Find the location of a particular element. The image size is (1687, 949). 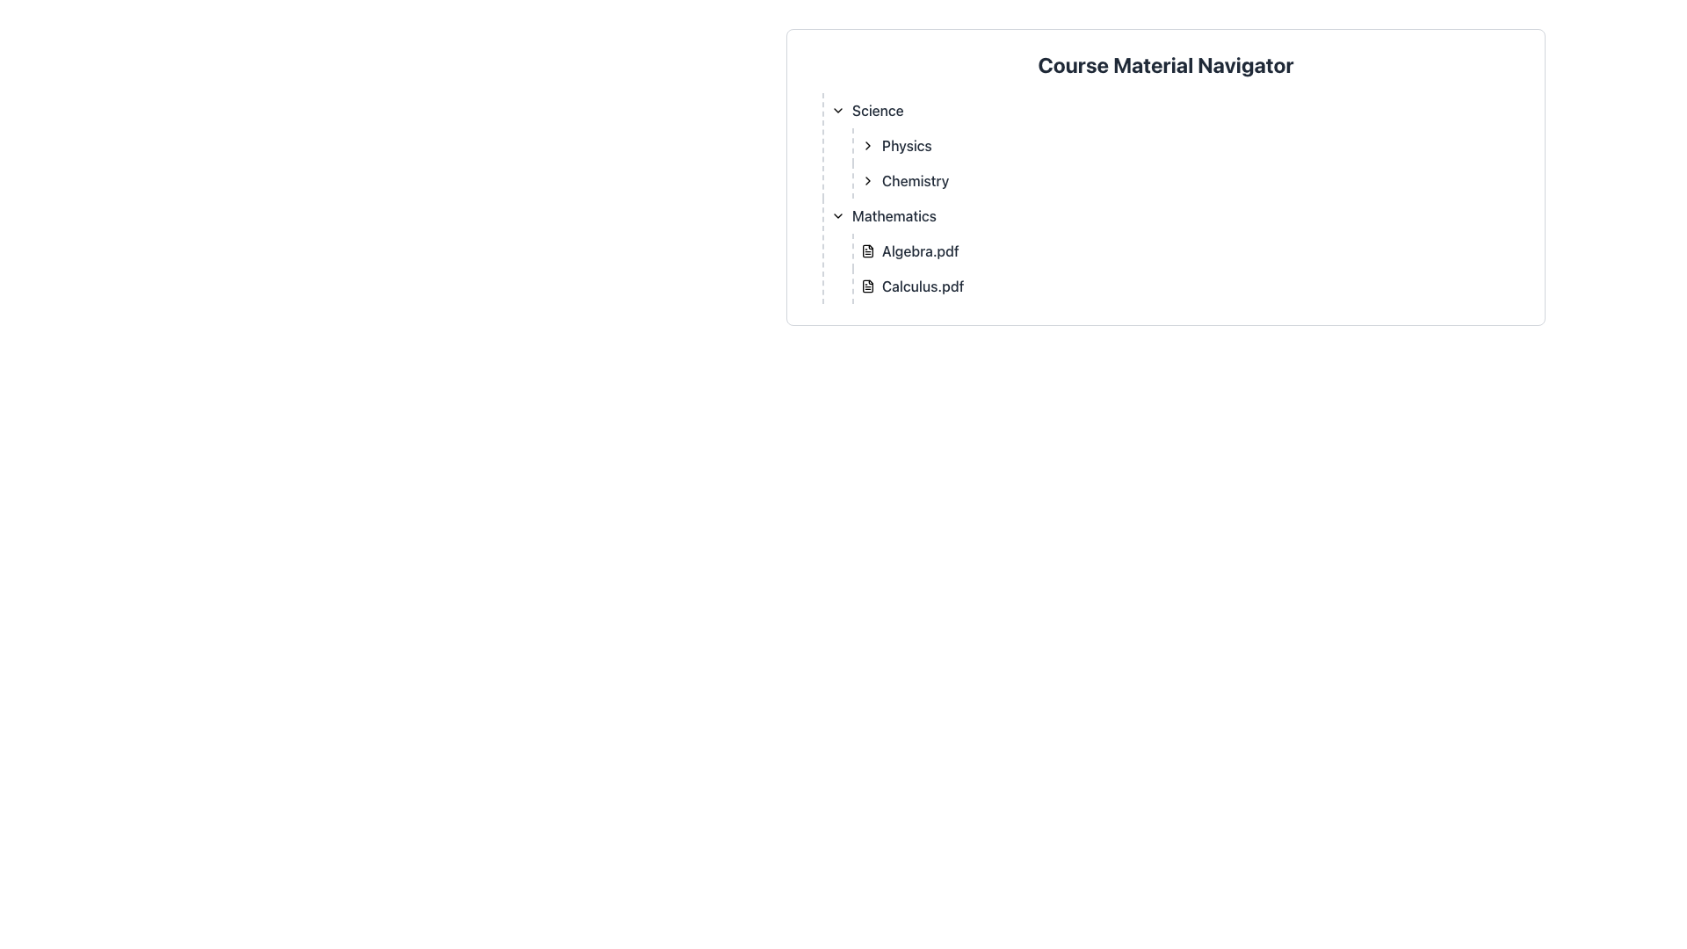

the 'Science' category text label located within the Course Material Navigator section, which is the first item in the list is located at coordinates (878, 111).